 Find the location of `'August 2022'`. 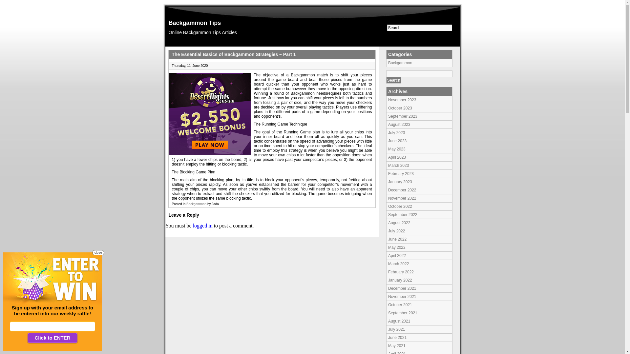

'August 2022' is located at coordinates (399, 222).